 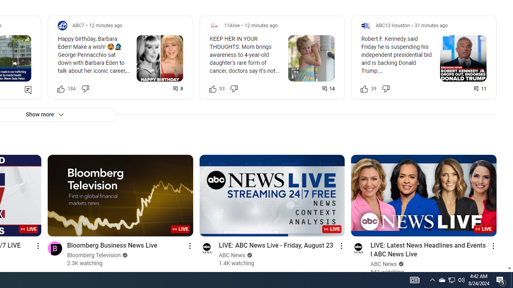 I want to click on 'ABC7', so click(x=78, y=25).